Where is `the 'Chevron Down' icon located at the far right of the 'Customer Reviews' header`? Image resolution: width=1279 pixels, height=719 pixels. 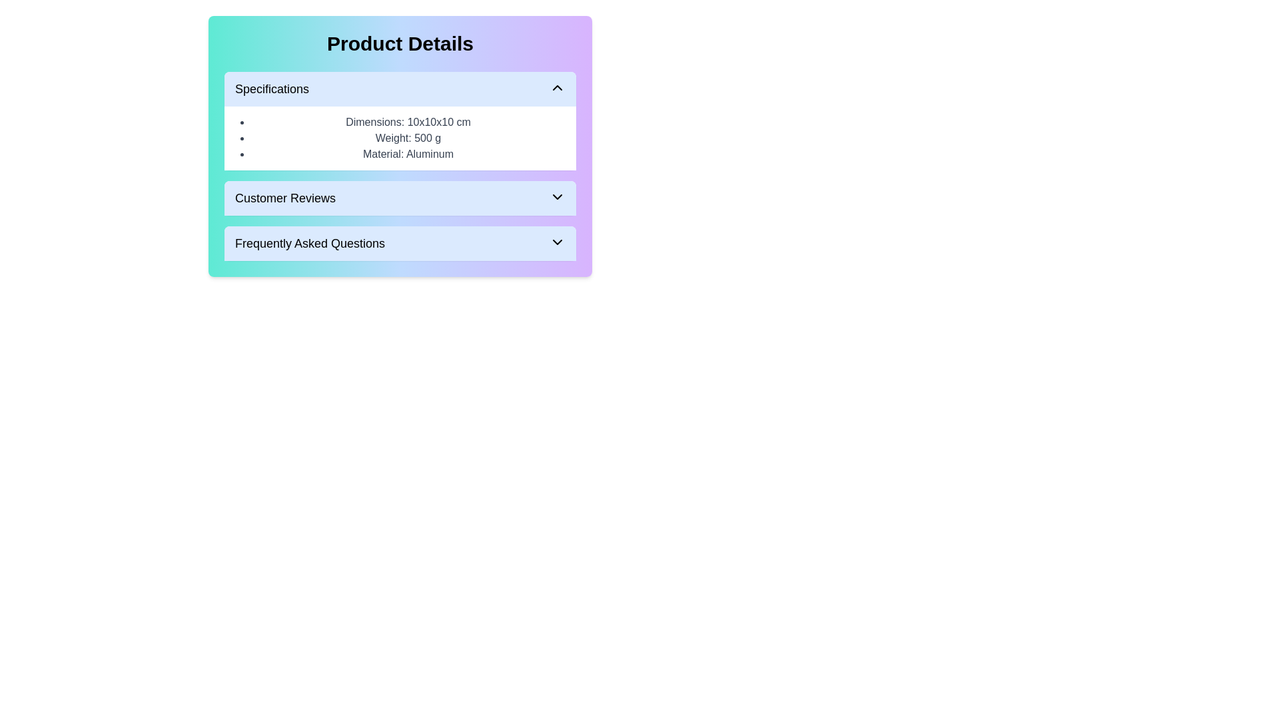
the 'Chevron Down' icon located at the far right of the 'Customer Reviews' header is located at coordinates (557, 197).